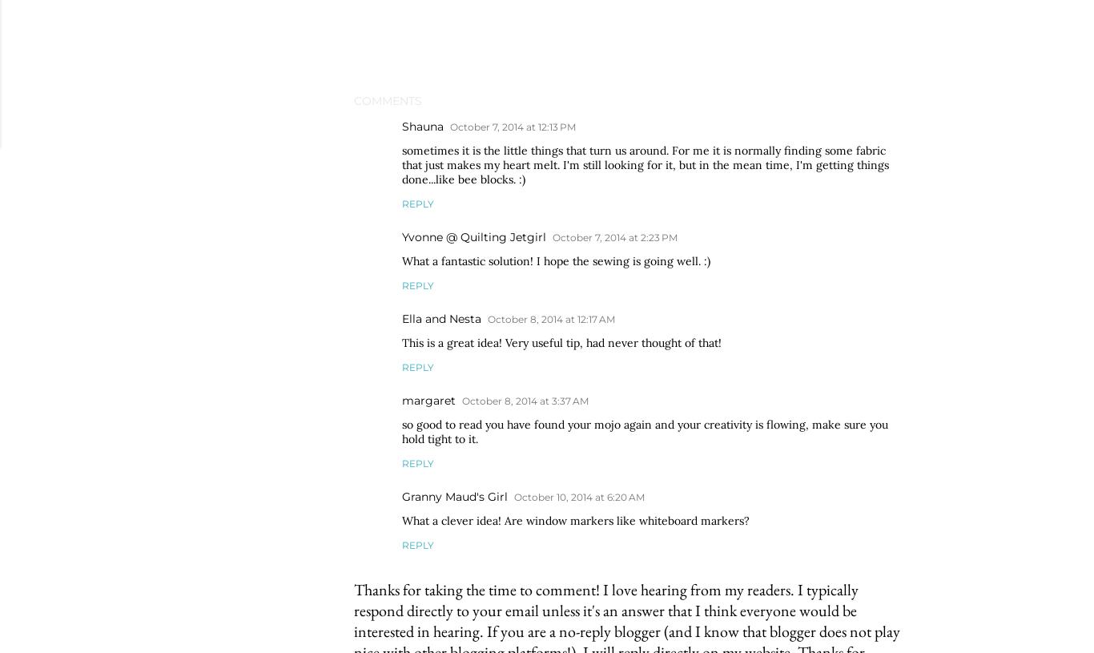 The width and height of the screenshot is (1094, 653). What do you see at coordinates (579, 496) in the screenshot?
I see `'October 10, 2014 at 6:20 AM'` at bounding box center [579, 496].